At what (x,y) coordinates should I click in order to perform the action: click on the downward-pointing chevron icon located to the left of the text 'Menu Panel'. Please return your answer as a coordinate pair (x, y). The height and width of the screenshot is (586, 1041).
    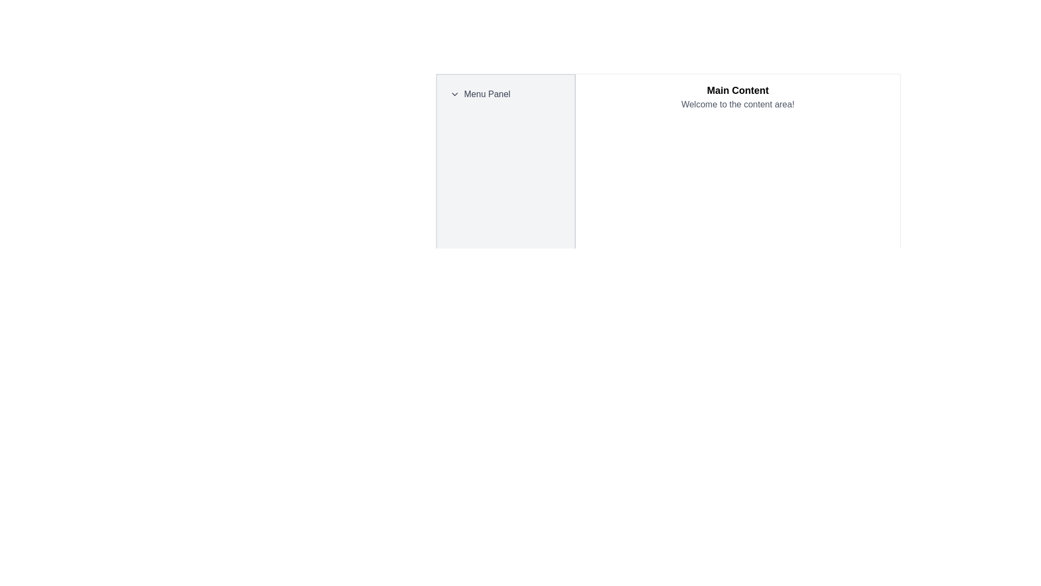
    Looking at the image, I should click on (455, 93).